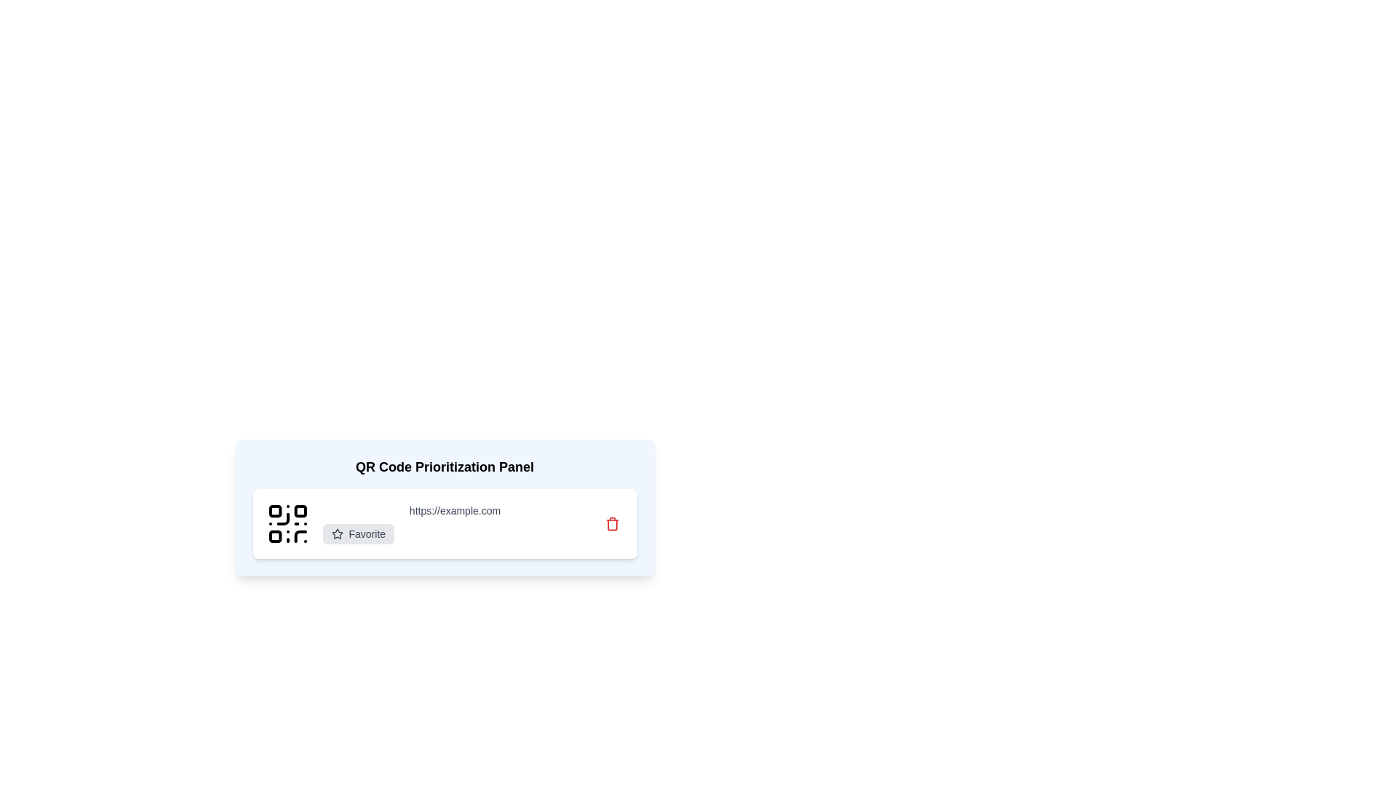 Image resolution: width=1397 pixels, height=786 pixels. What do you see at coordinates (612, 524) in the screenshot?
I see `the delete button with a trash icon located at the far right side of the row containing a QR code, a URL, and a 'Favorite' button` at bounding box center [612, 524].